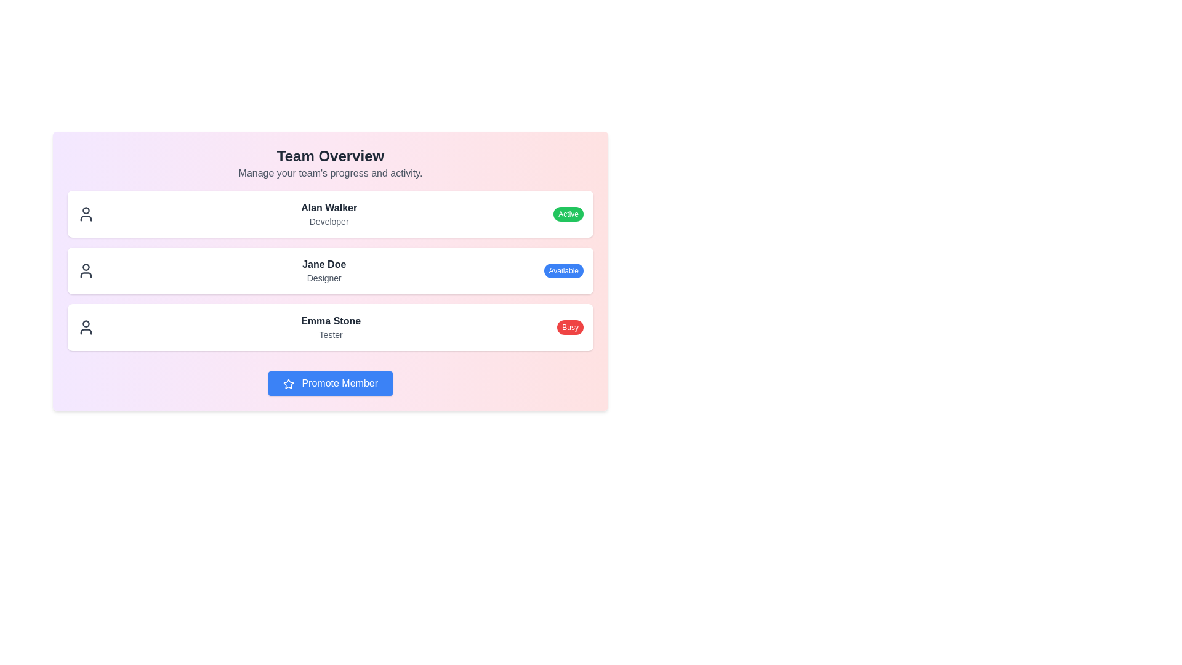 The width and height of the screenshot is (1182, 665). What do you see at coordinates (324, 264) in the screenshot?
I see `on the label displaying 'Jane Doe' in bold dark-gray font` at bounding box center [324, 264].